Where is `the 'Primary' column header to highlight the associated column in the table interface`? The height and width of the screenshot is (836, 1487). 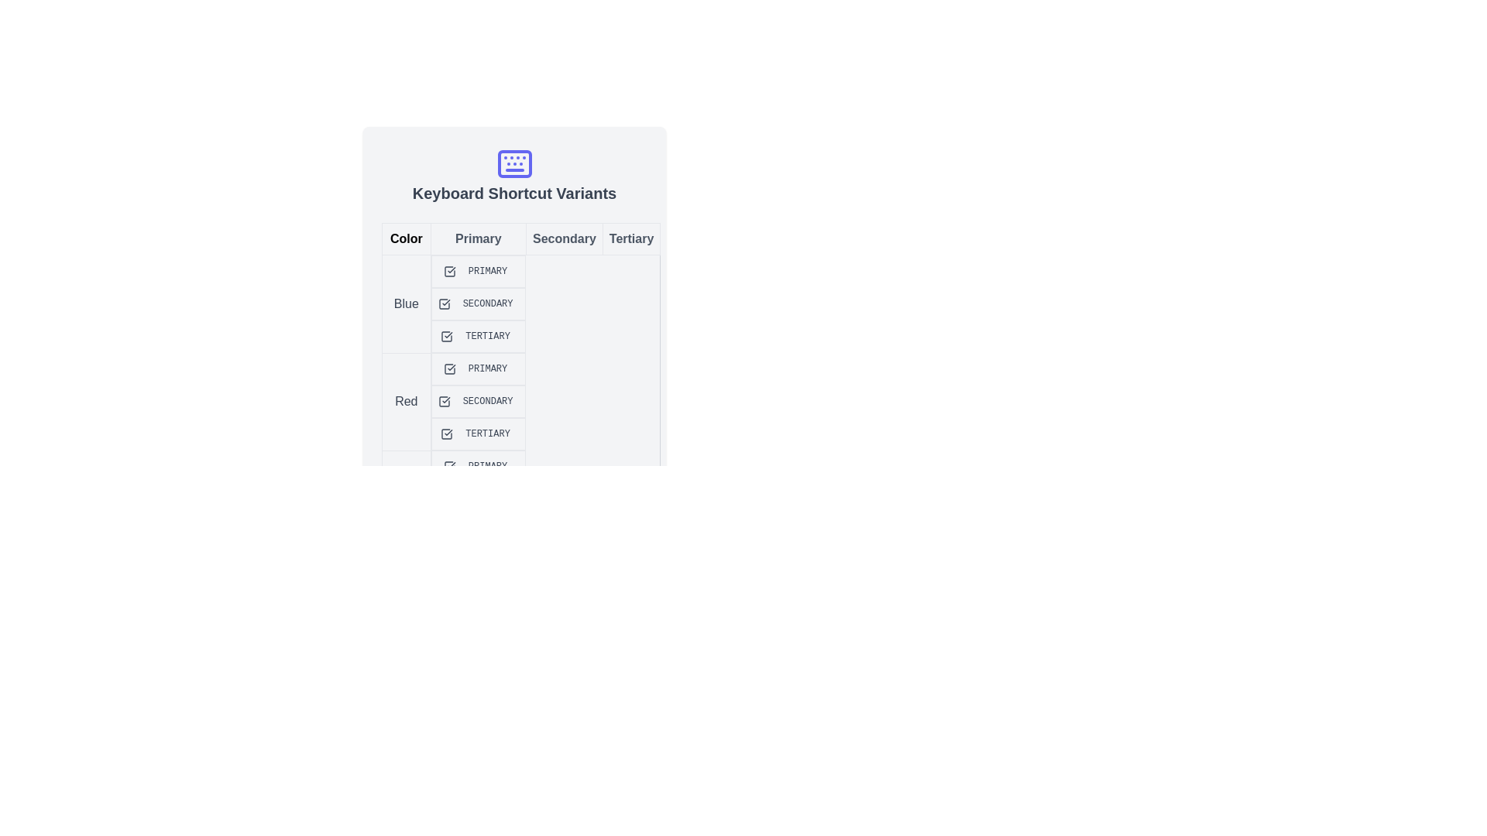
the 'Primary' column header to highlight the associated column in the table interface is located at coordinates (477, 238).